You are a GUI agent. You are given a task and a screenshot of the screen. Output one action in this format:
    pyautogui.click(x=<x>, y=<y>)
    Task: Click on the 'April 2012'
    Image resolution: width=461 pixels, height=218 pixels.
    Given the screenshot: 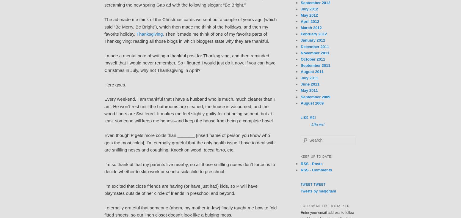 What is the action you would take?
    pyautogui.click(x=310, y=21)
    